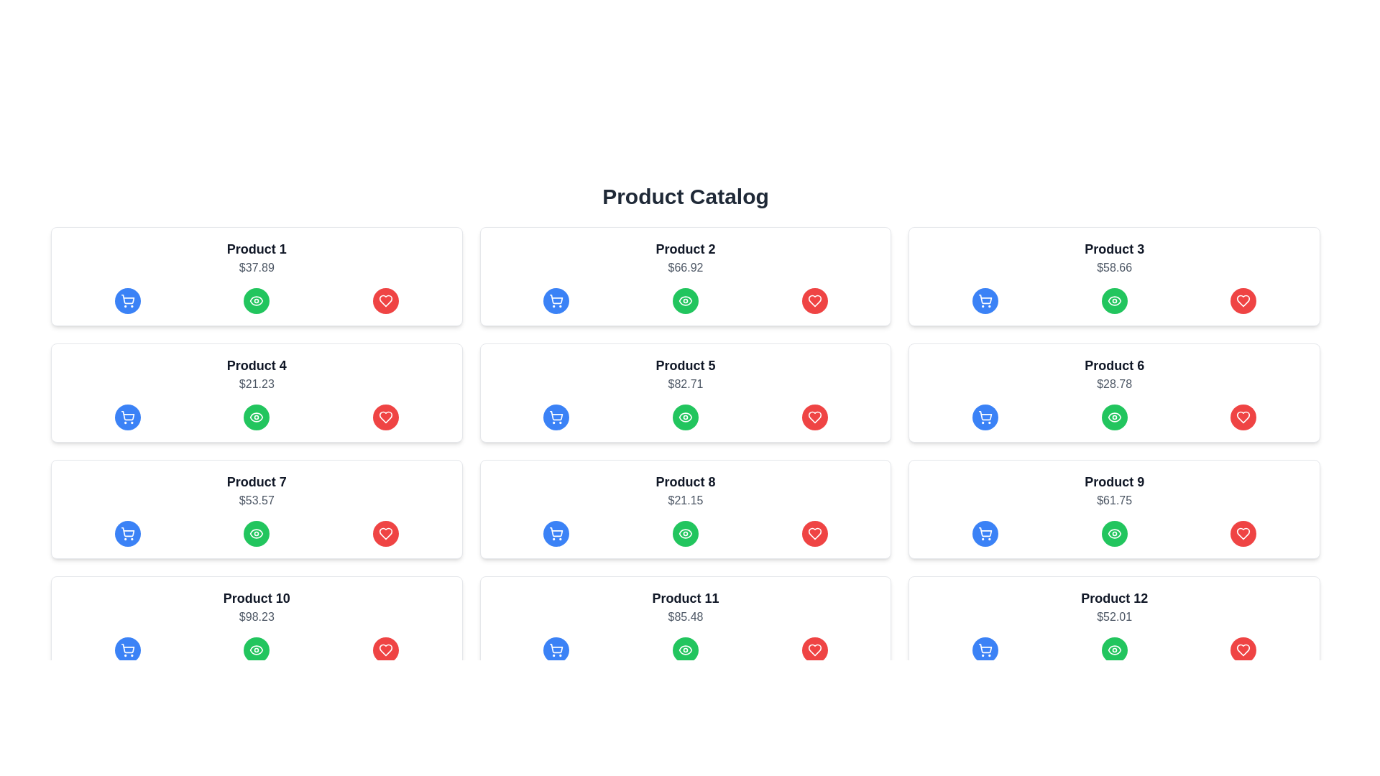 The height and width of the screenshot is (776, 1380). Describe the element at coordinates (1113, 417) in the screenshot. I see `the circular green button with a white eye icon that is the second button under 'Product 6'` at that location.